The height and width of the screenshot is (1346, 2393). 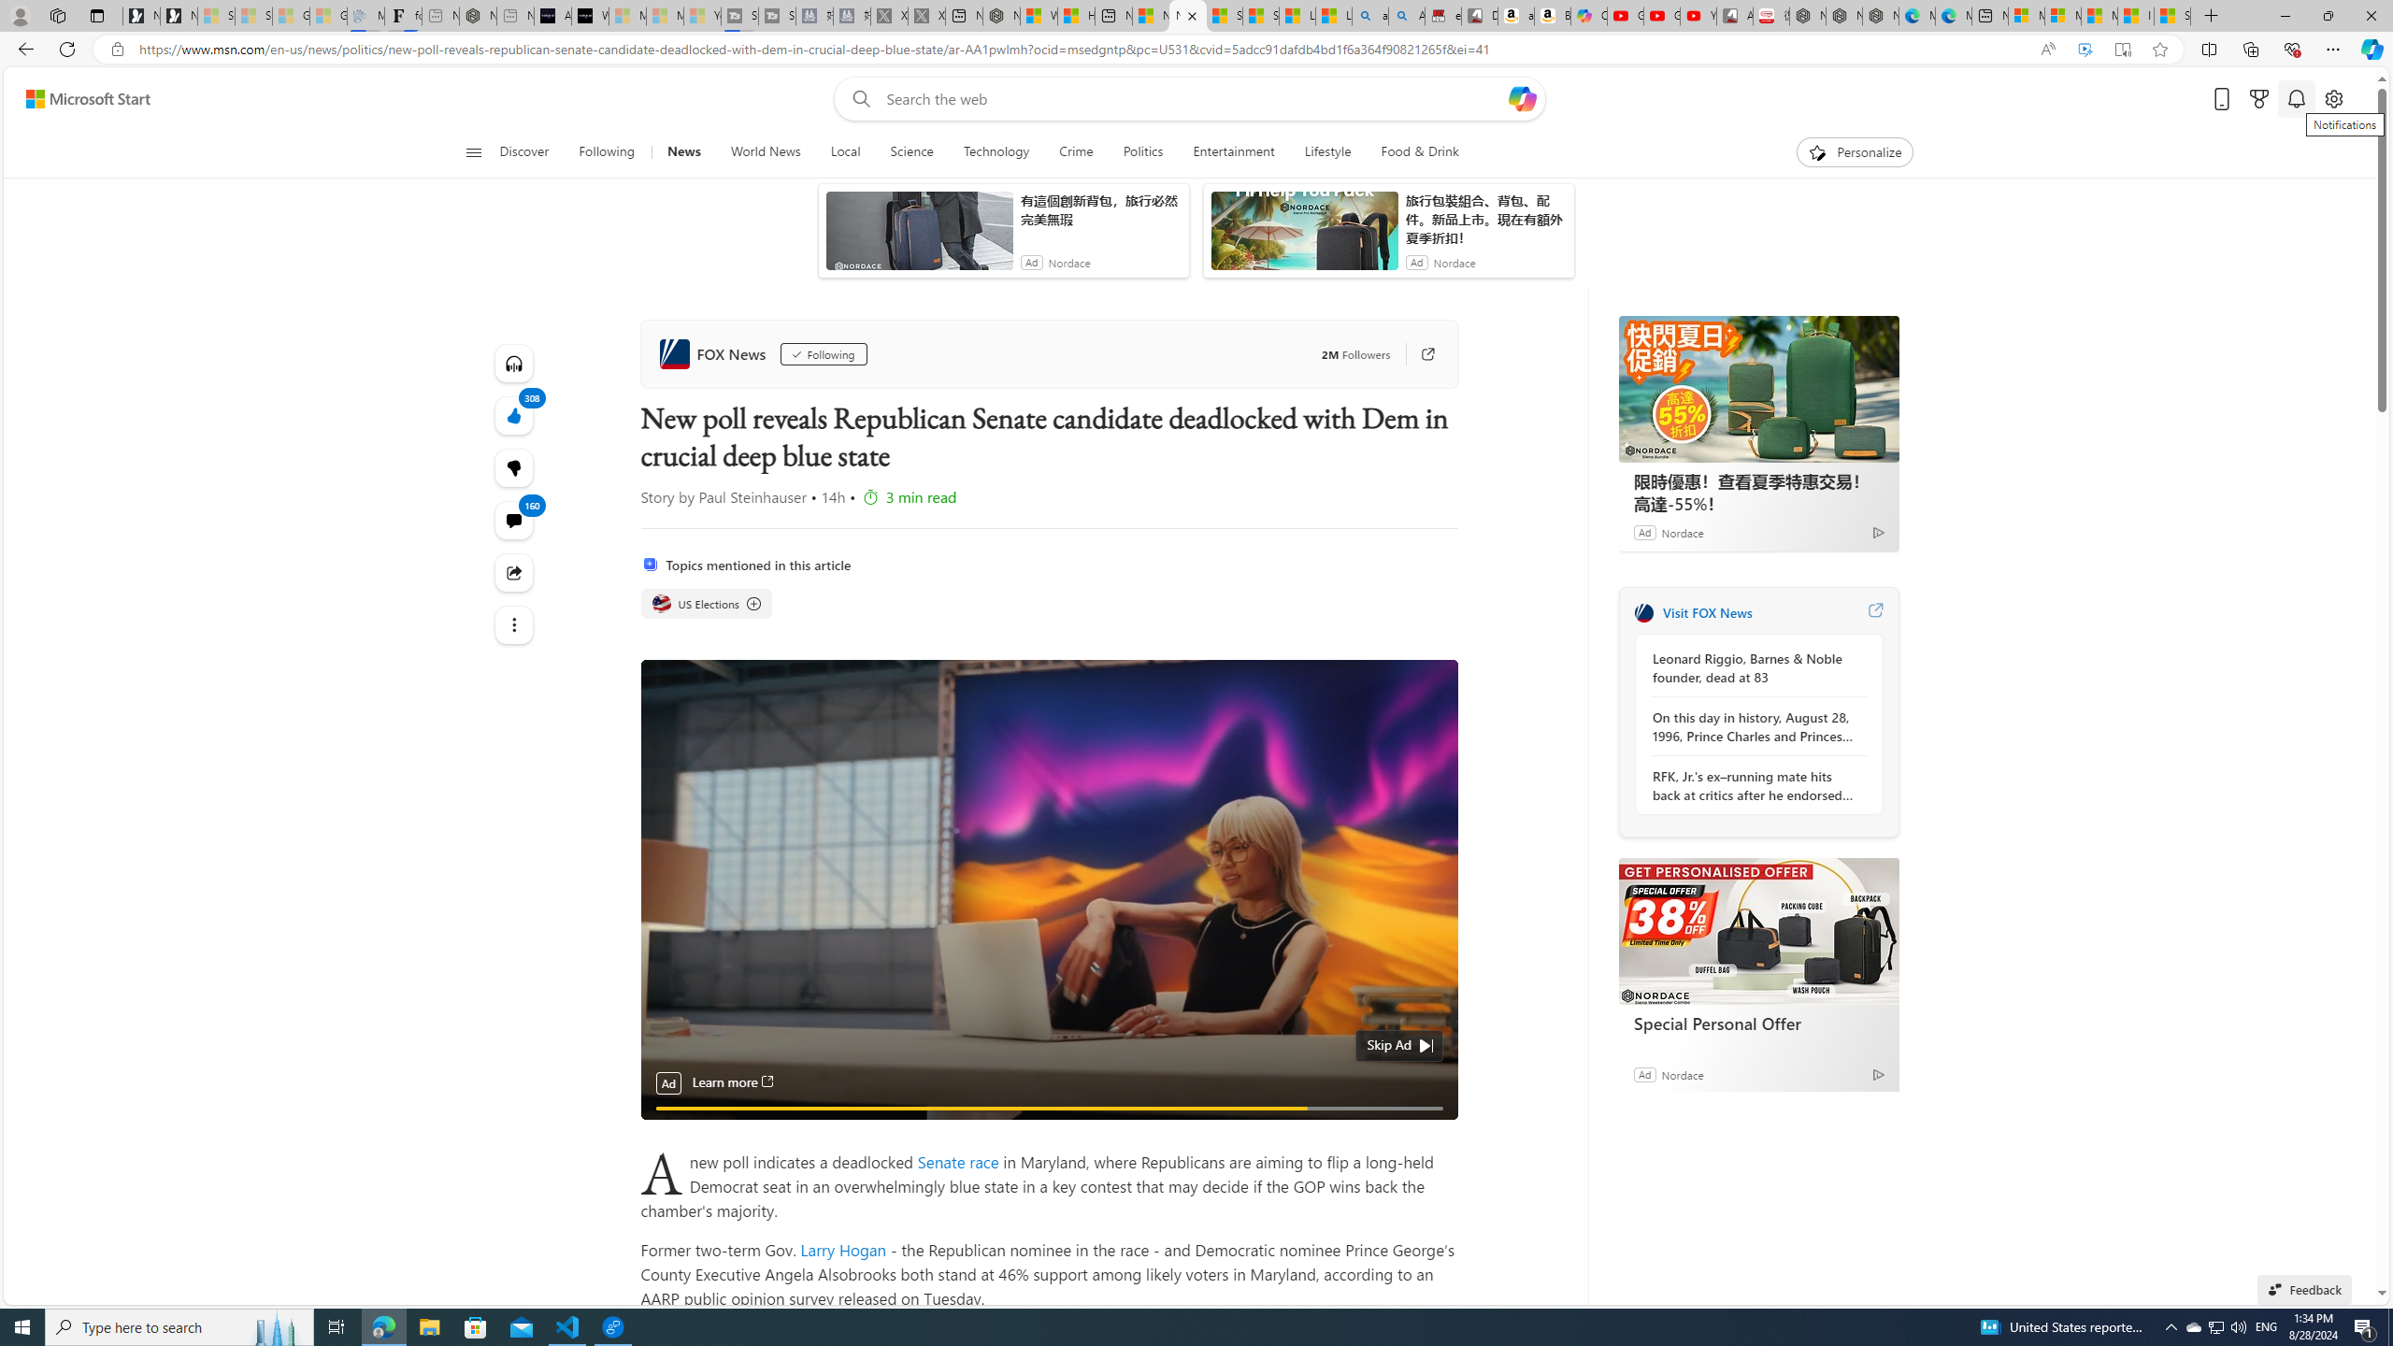 I want to click on 'Larry Hogan', so click(x=842, y=1249).